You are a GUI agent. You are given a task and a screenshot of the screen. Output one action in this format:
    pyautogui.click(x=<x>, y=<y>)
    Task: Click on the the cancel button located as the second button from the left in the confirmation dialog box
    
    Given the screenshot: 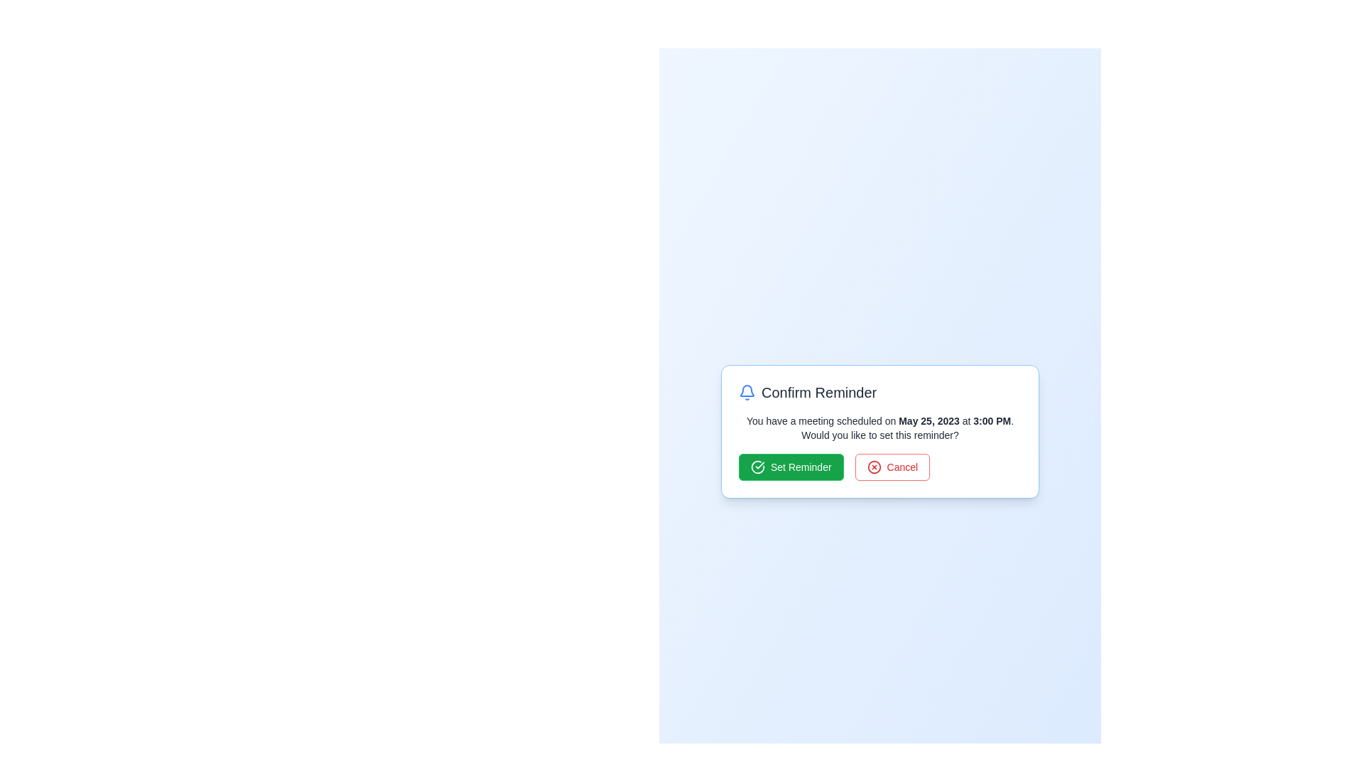 What is the action you would take?
    pyautogui.click(x=892, y=467)
    